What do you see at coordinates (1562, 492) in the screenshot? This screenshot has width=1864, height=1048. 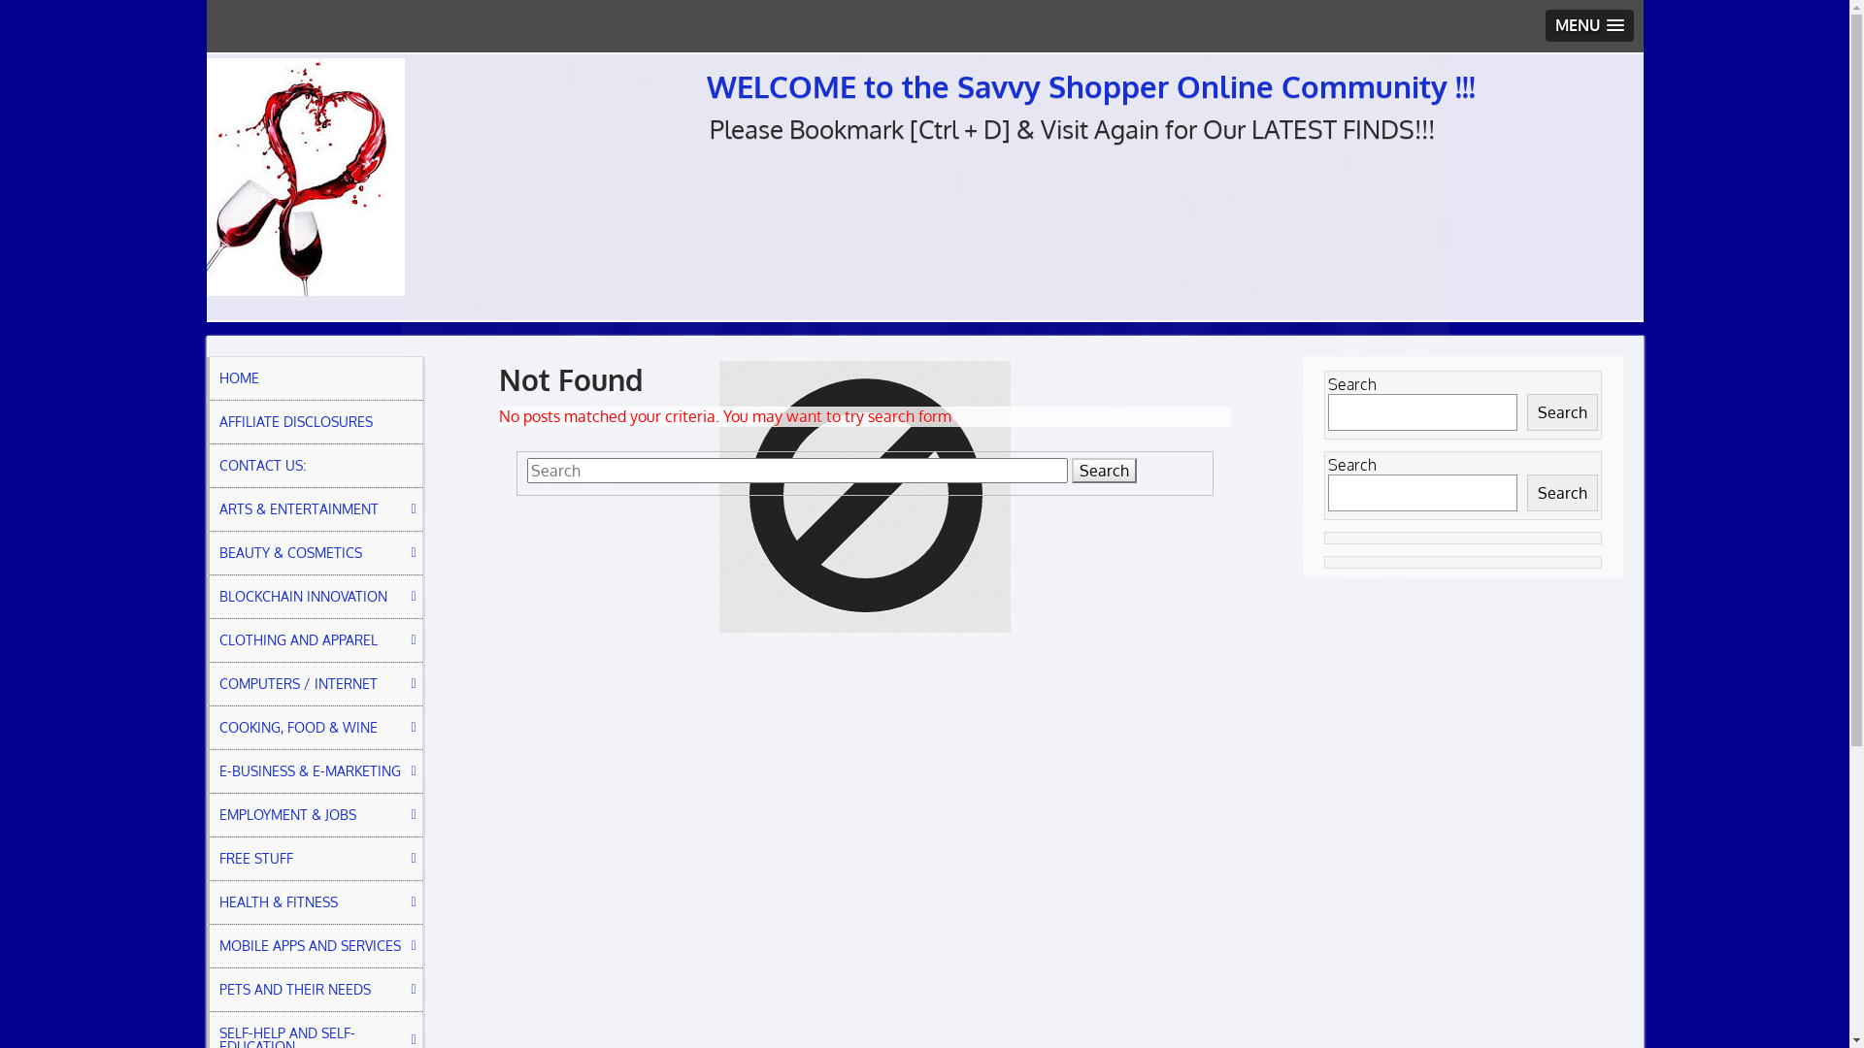 I see `'Search'` at bounding box center [1562, 492].